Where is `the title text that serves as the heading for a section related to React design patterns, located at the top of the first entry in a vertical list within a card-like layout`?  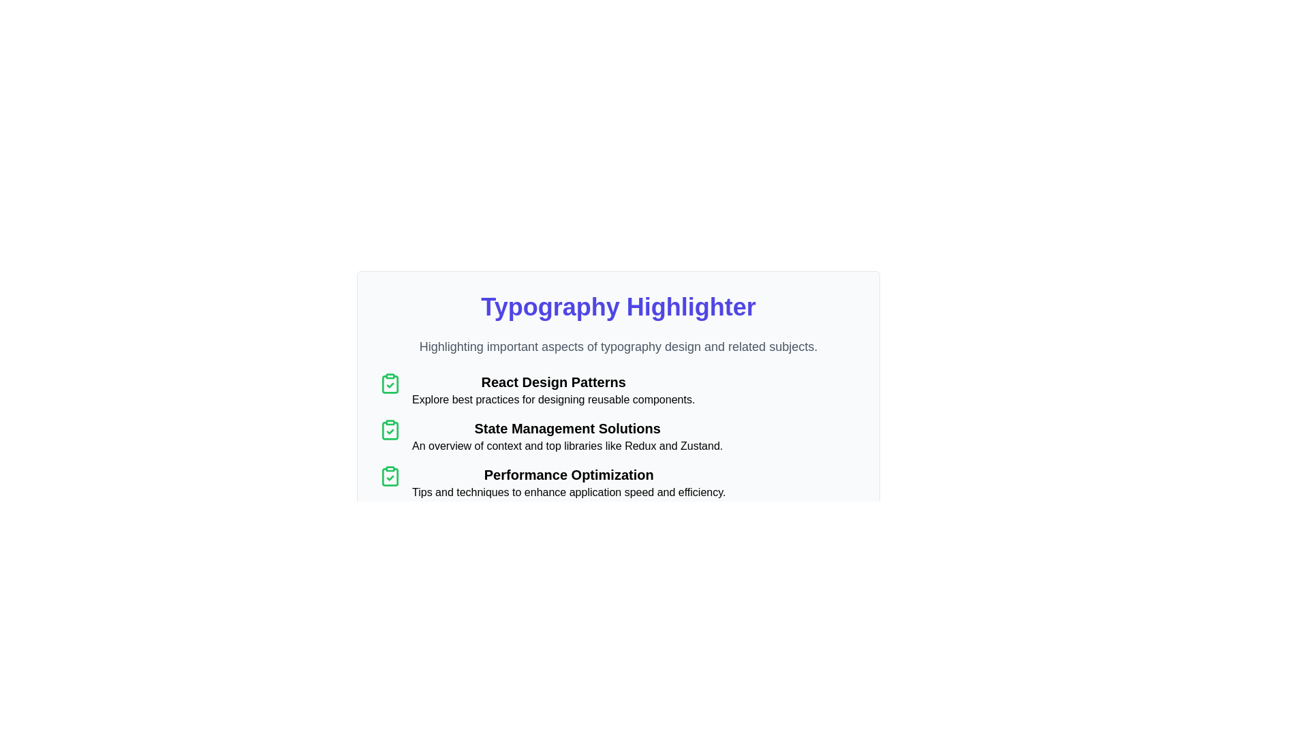 the title text that serves as the heading for a section related to React design patterns, located at the top of the first entry in a vertical list within a card-like layout is located at coordinates (553, 382).